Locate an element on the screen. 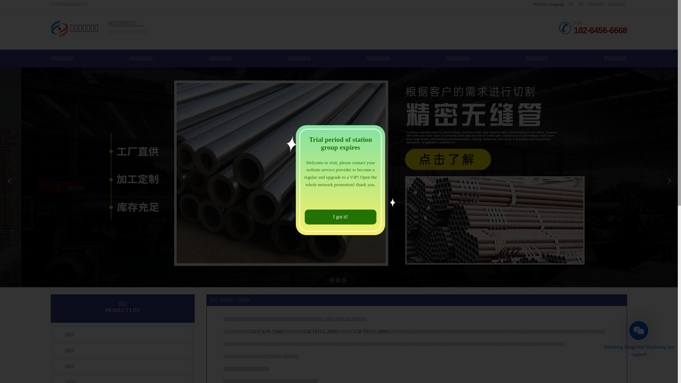 The width and height of the screenshot is (681, 383). 'I got it!' is located at coordinates (340, 217).